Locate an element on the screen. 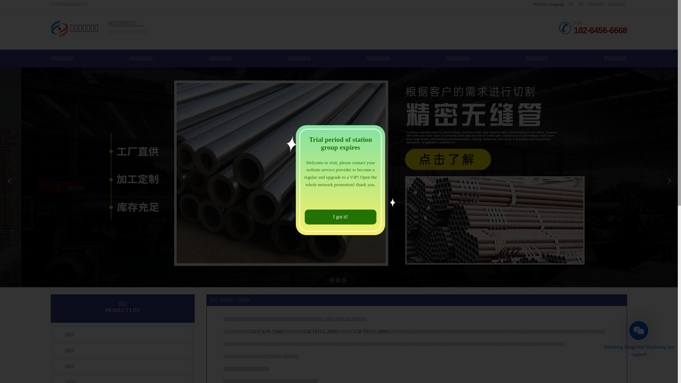 The width and height of the screenshot is (681, 383). 'I got it!' is located at coordinates (340, 217).